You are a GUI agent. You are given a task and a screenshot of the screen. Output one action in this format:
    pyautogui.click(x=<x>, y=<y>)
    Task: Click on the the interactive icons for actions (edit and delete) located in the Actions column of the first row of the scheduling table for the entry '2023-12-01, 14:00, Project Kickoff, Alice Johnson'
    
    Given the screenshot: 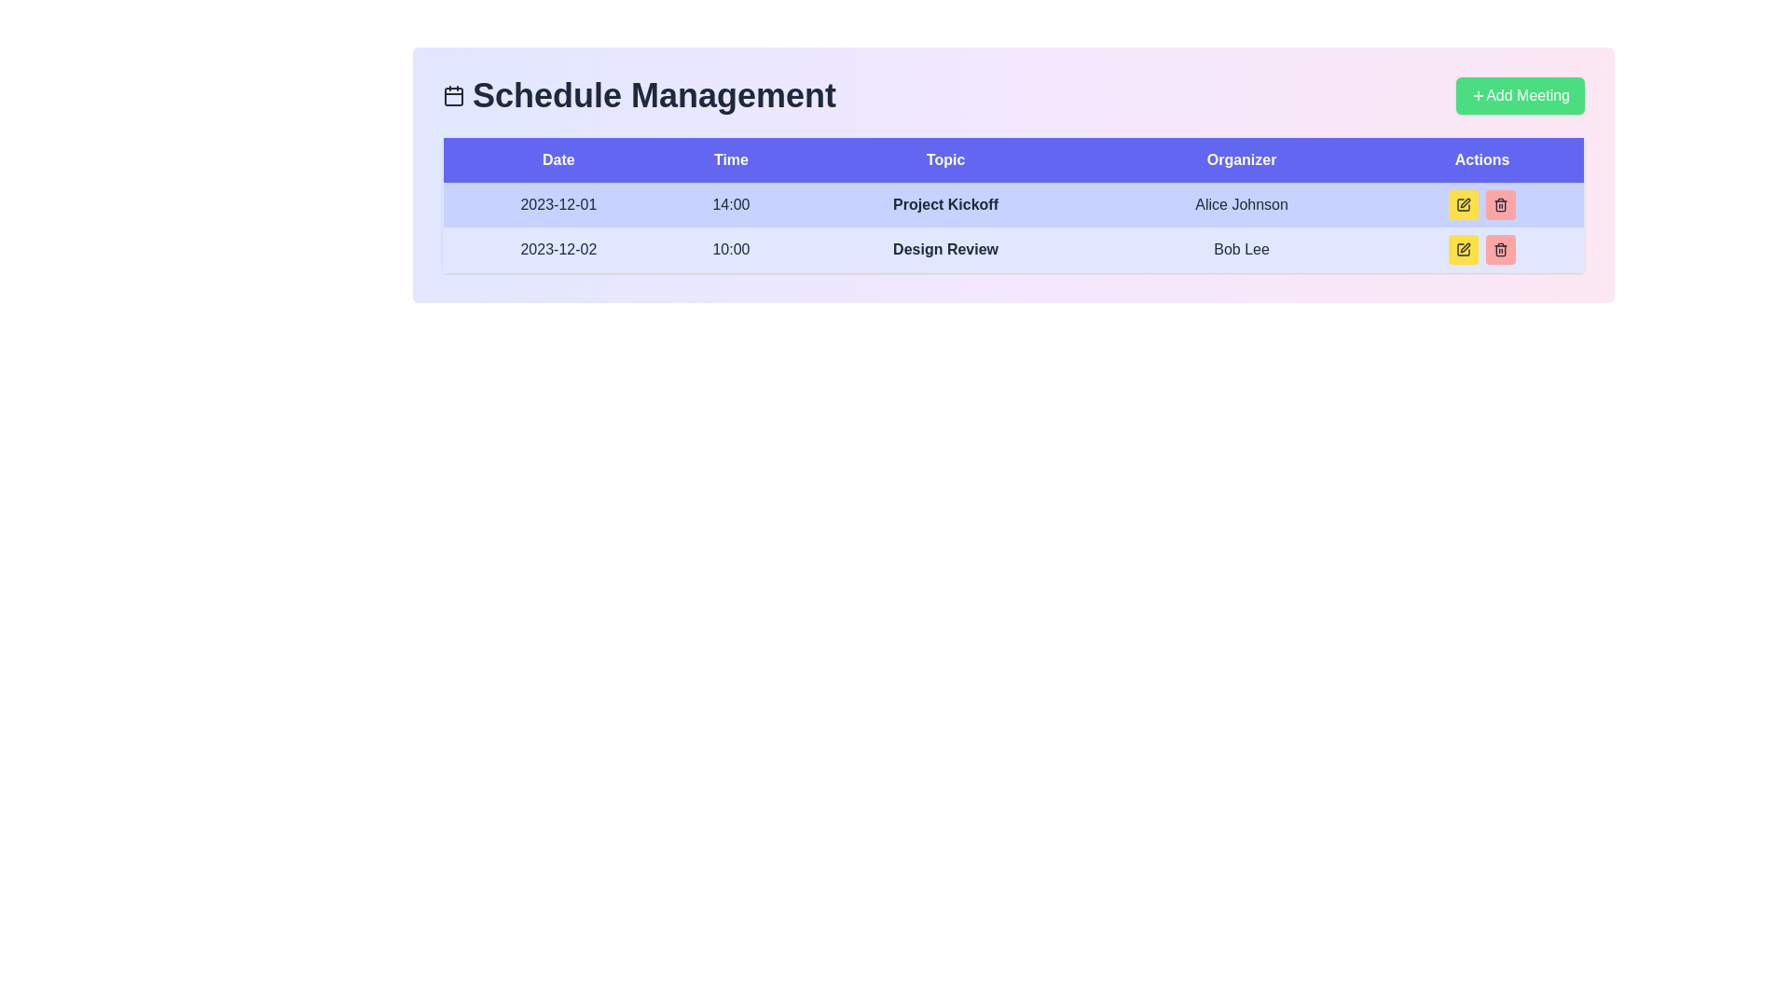 What is the action you would take?
    pyautogui.click(x=1480, y=204)
    